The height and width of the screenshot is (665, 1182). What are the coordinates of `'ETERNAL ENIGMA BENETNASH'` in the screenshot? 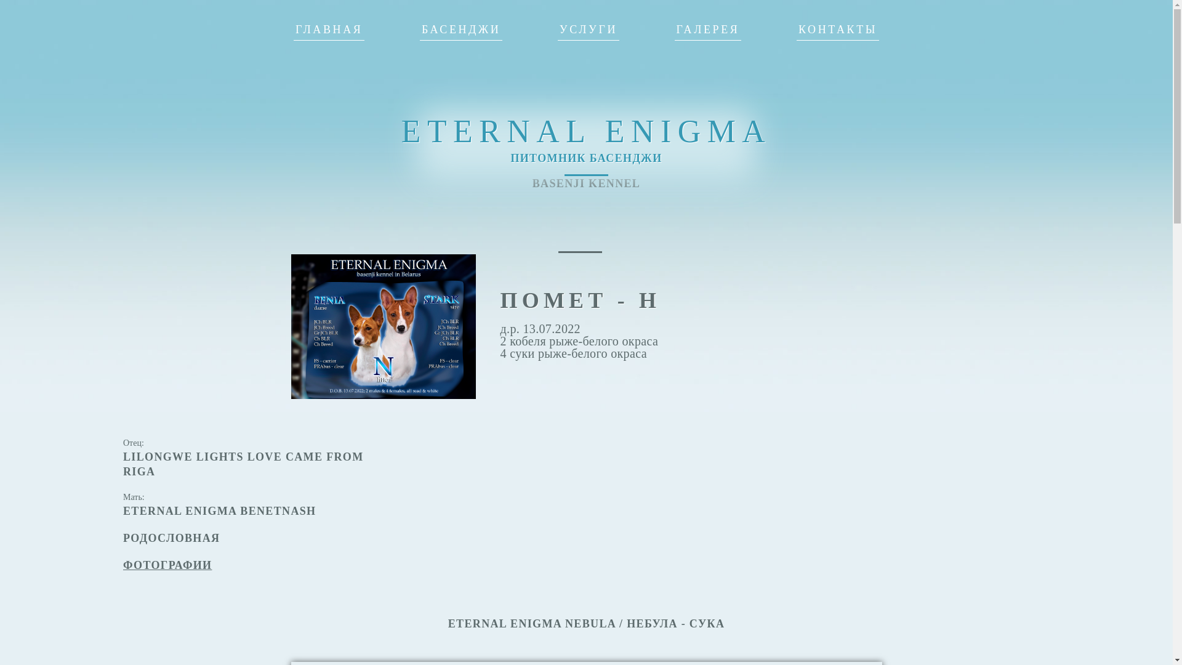 It's located at (219, 510).